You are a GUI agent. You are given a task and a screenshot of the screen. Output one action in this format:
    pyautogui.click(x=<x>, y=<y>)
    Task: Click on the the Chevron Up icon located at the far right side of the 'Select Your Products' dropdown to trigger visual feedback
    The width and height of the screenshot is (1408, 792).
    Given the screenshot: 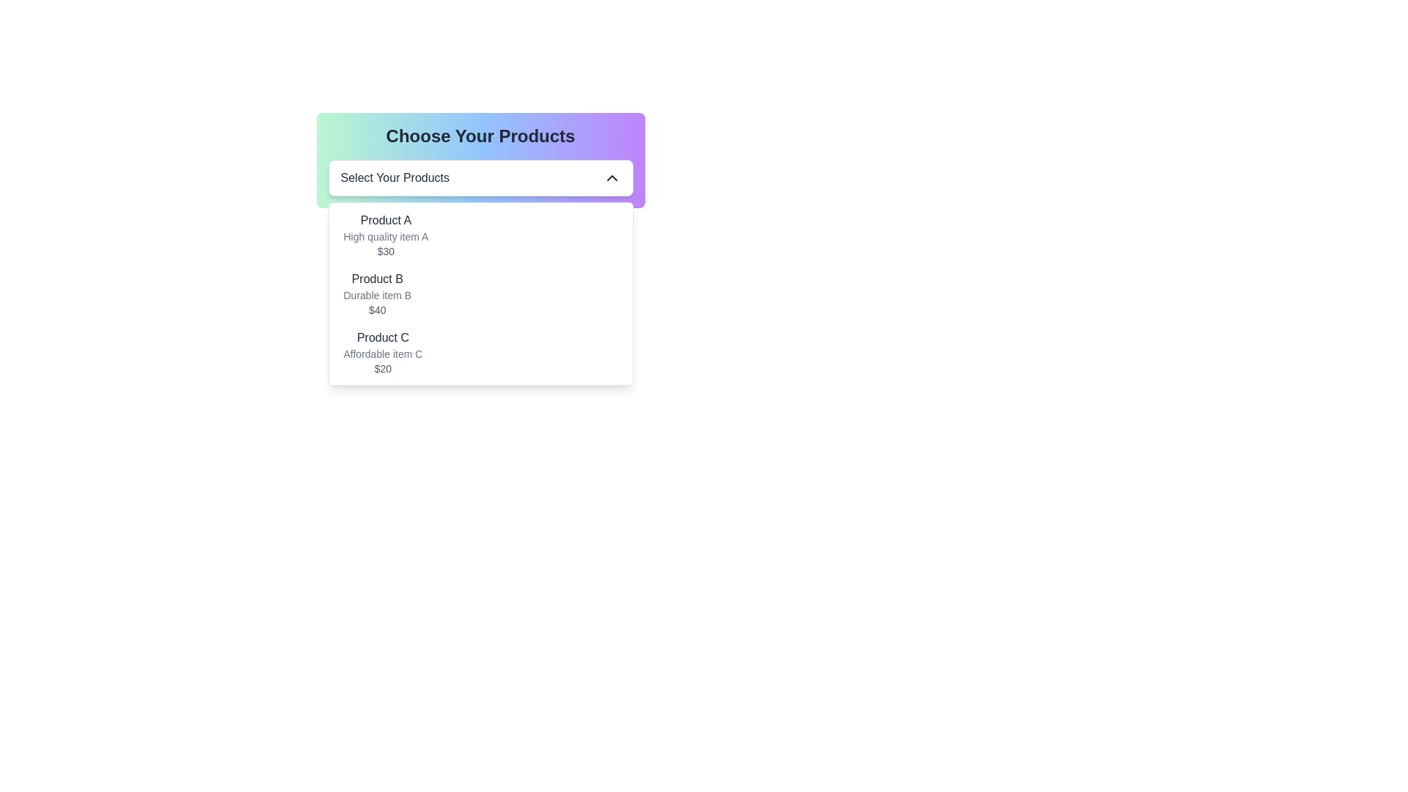 What is the action you would take?
    pyautogui.click(x=612, y=177)
    